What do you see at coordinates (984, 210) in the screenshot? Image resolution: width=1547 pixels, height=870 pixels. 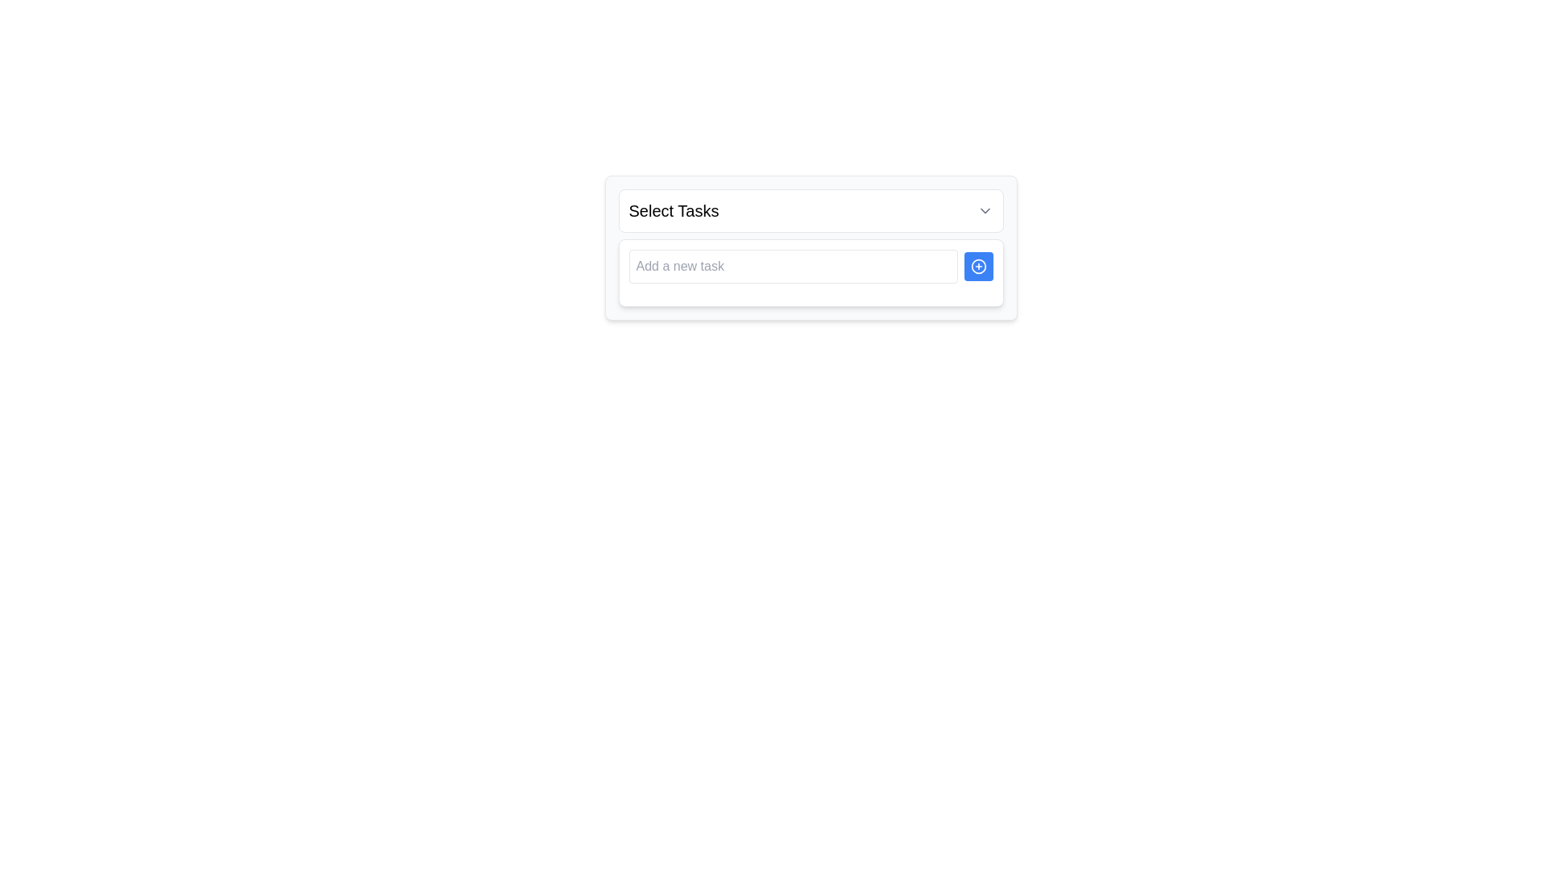 I see `the downward-pointing chevron icon located at the far right of the 'Select Tasks' header` at bounding box center [984, 210].